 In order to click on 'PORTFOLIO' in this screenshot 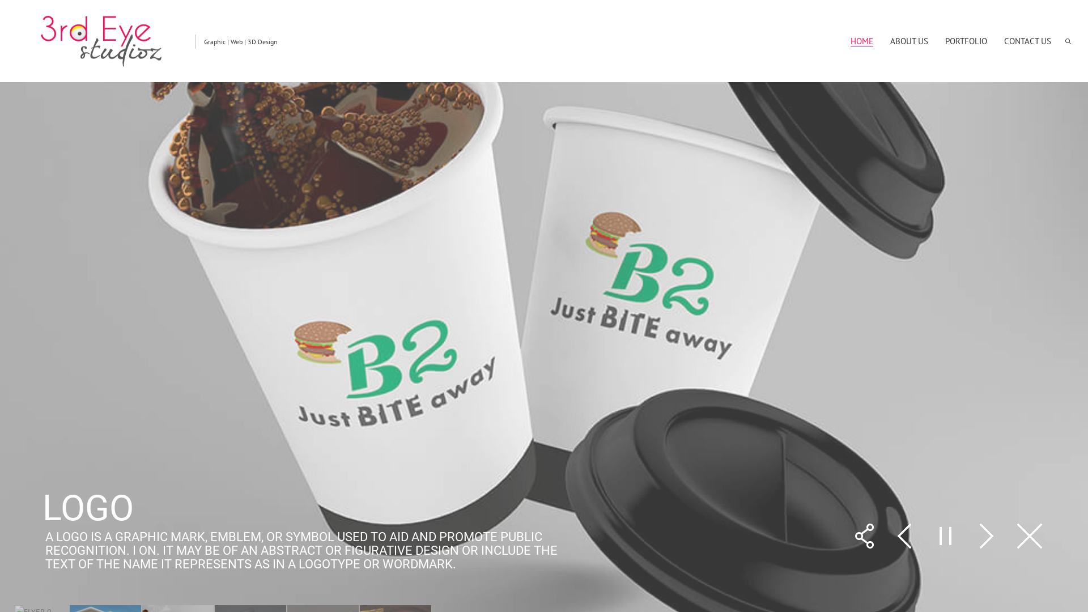, I will do `click(965, 40)`.